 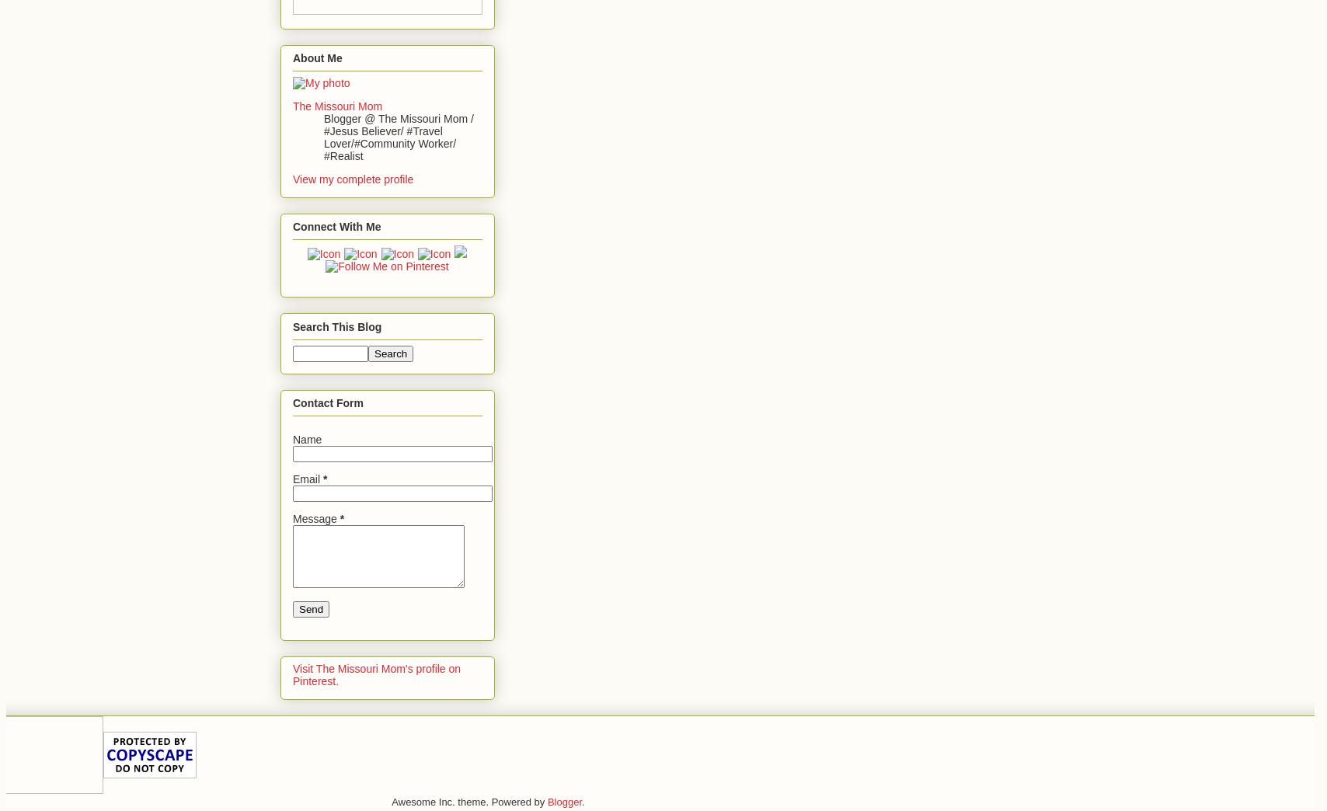 What do you see at coordinates (323, 136) in the screenshot?
I see `'Blogger @ The Missouri Mom / #Jesus Believer/ #Travel Lover/#Community Worker/ #Realist'` at bounding box center [323, 136].